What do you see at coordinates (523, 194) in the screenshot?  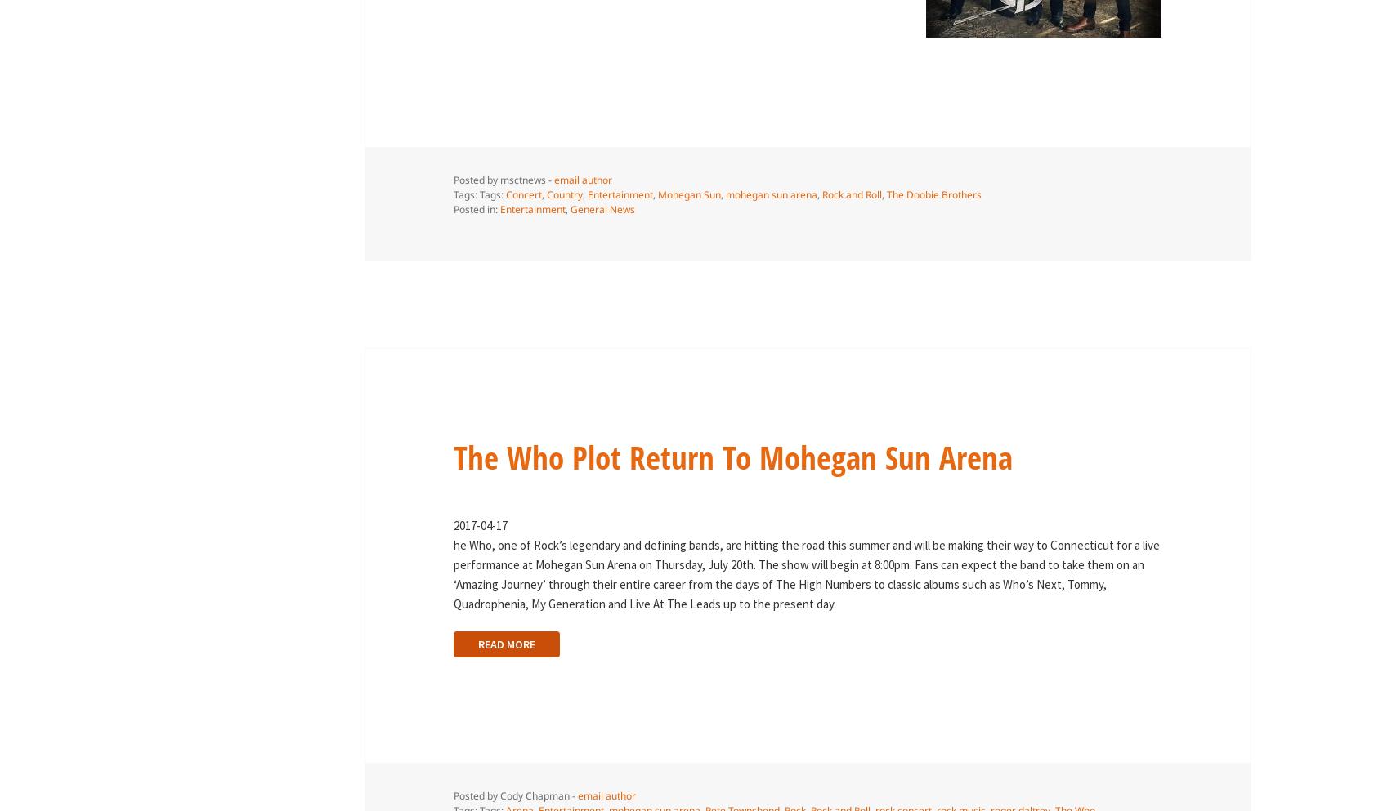 I see `'Concert'` at bounding box center [523, 194].